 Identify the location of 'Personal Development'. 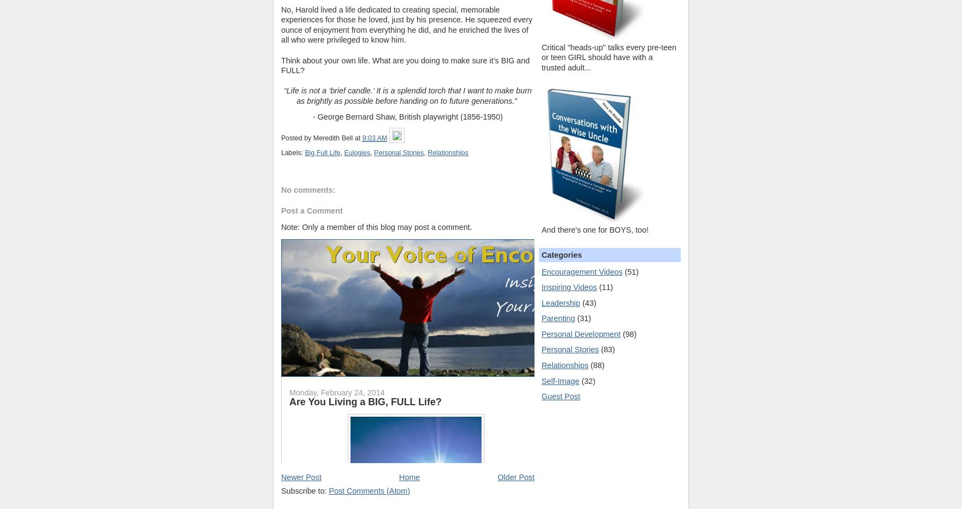
(581, 333).